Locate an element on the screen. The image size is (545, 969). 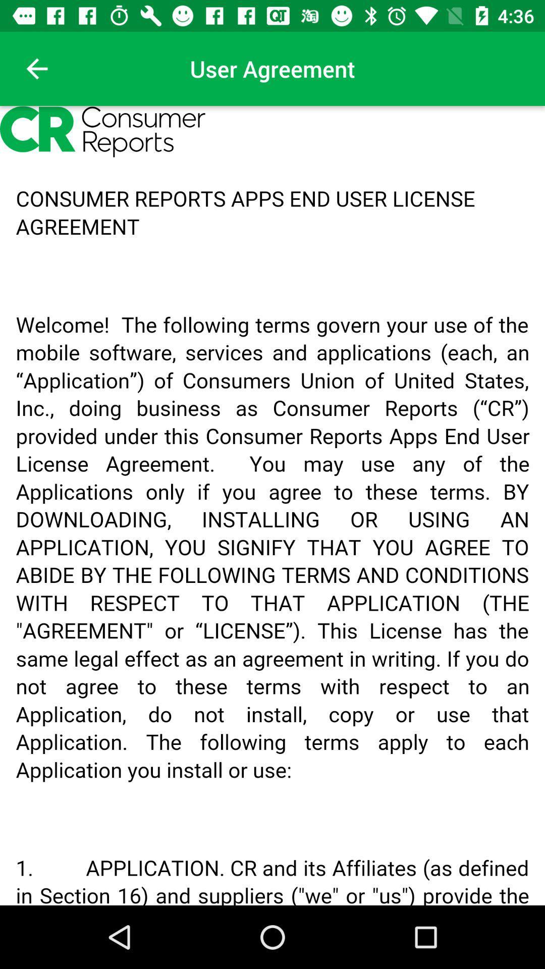
file is located at coordinates (272, 506).